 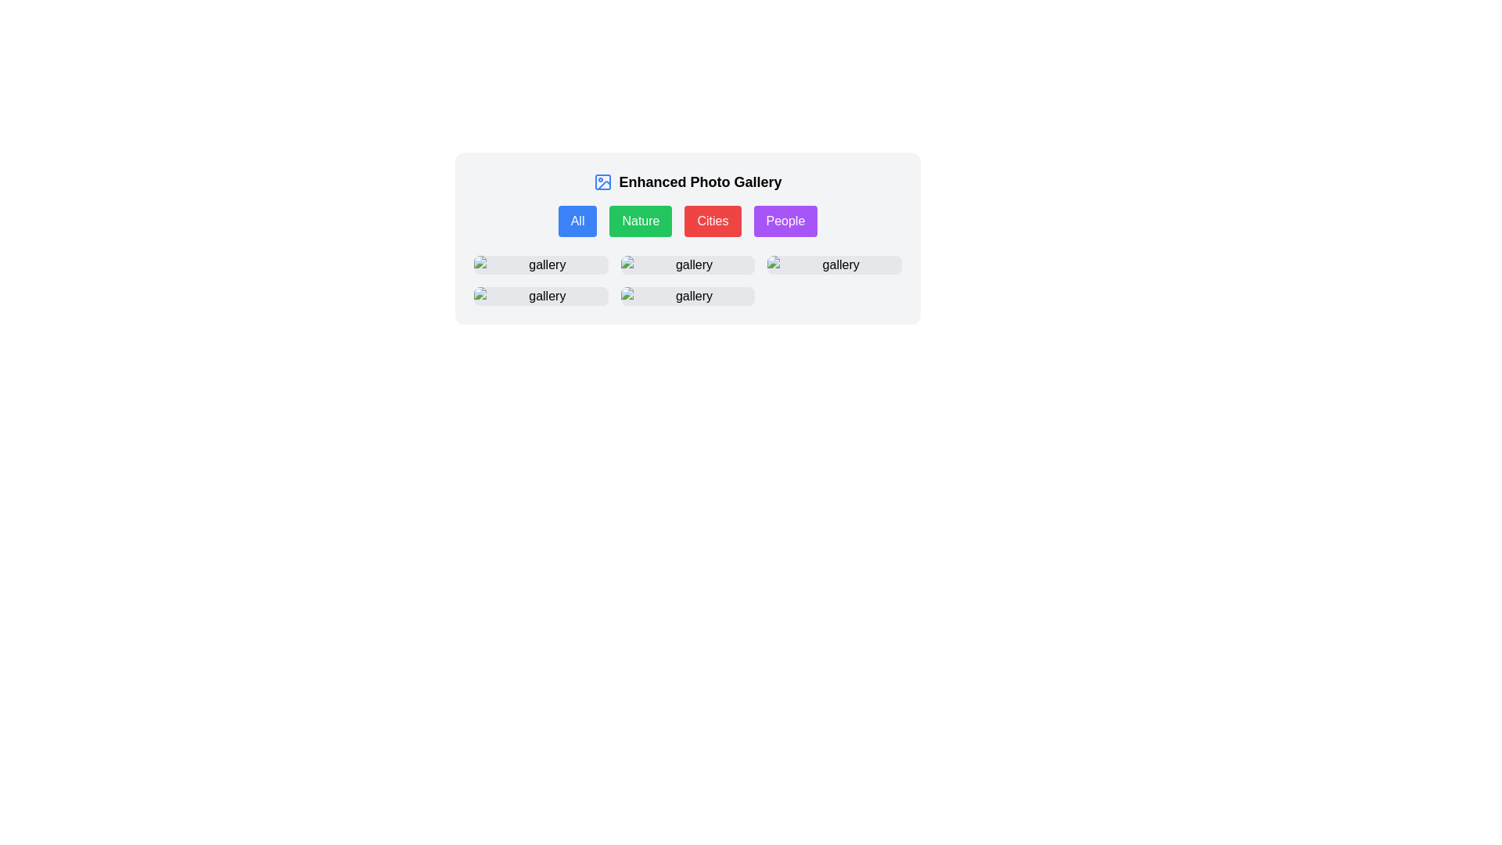 I want to click on the interactive tile in the middle column of the second row that opens a detailed view or triggers an action related to the 'gallery' label, so click(x=688, y=296).